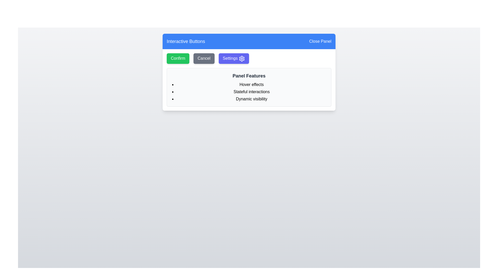 This screenshot has width=494, height=278. I want to click on the static text element displaying 'Dynamic visibility', which is the last item in the bulleted list under the 'Panel Features' heading, so click(252, 99).